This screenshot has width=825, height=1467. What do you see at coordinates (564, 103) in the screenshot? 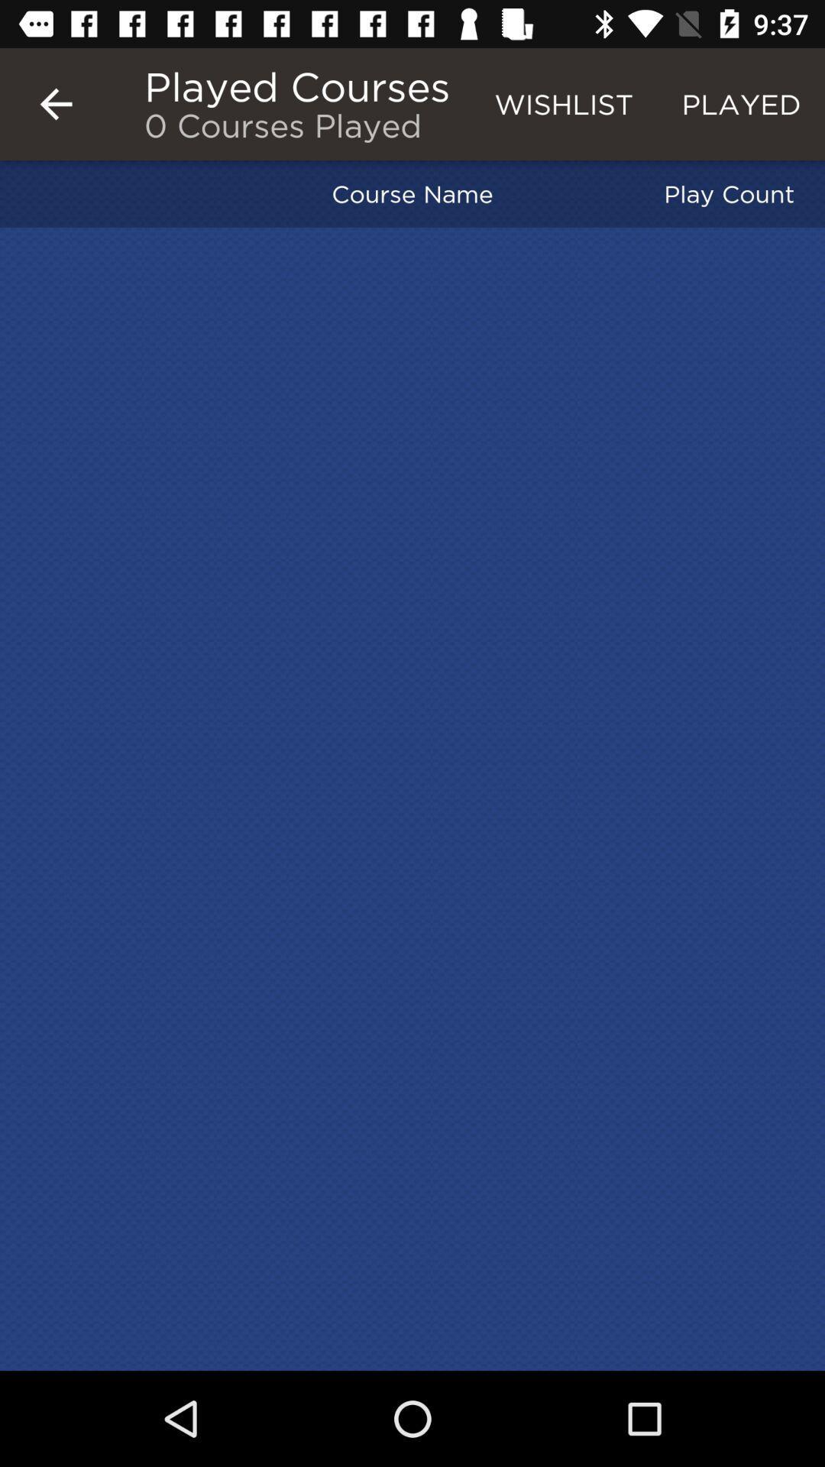
I see `icon above course name item` at bounding box center [564, 103].